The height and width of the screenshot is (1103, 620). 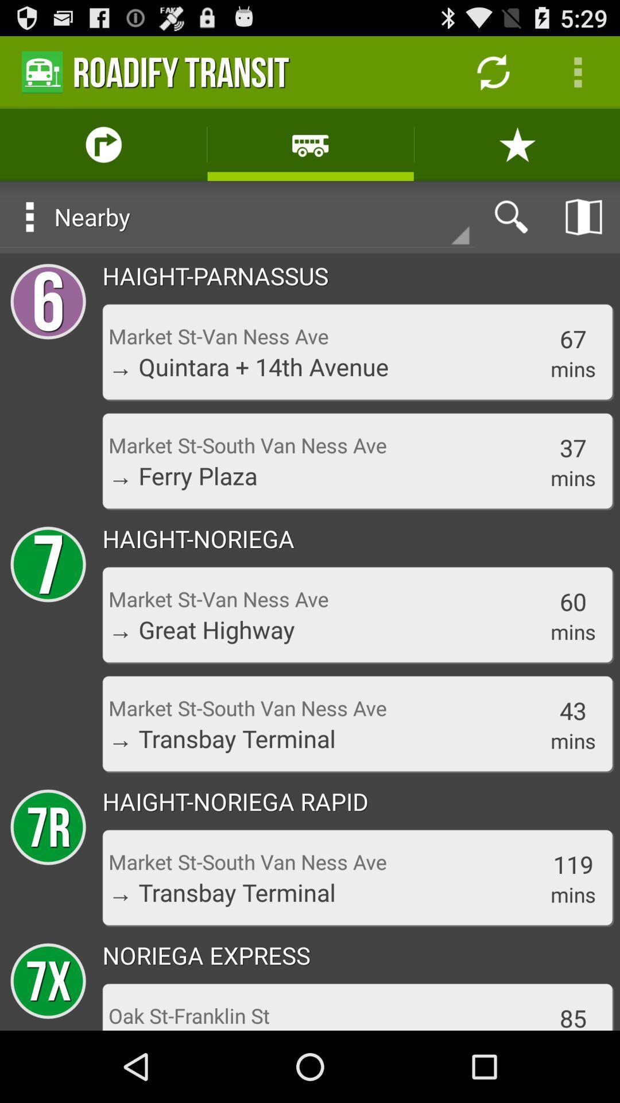 What do you see at coordinates (584, 232) in the screenshot?
I see `the book icon` at bounding box center [584, 232].